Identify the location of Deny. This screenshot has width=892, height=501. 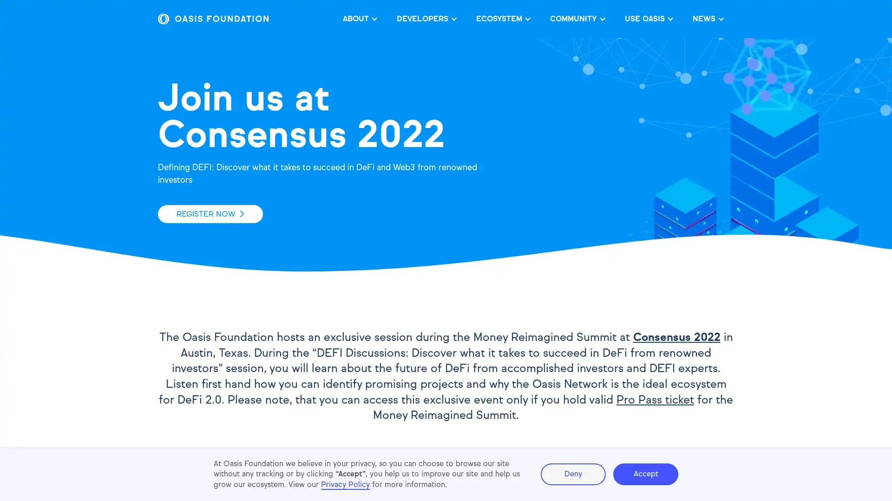
(572, 474).